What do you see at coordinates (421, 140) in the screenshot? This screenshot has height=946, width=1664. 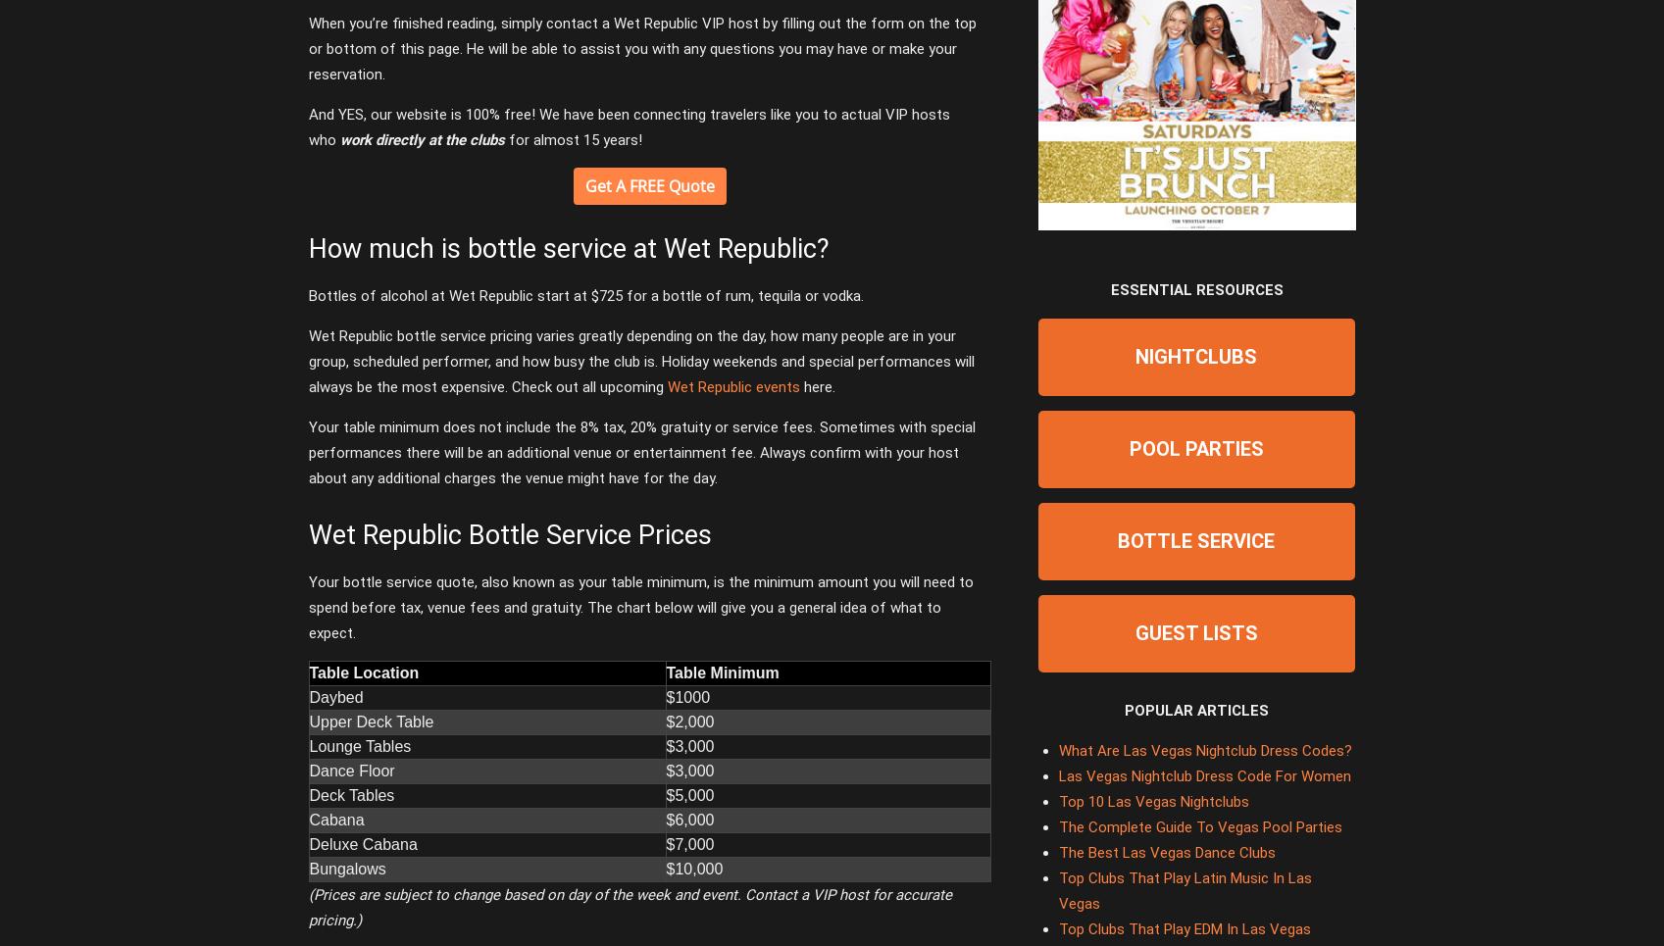 I see `'work directly at the clubs'` at bounding box center [421, 140].